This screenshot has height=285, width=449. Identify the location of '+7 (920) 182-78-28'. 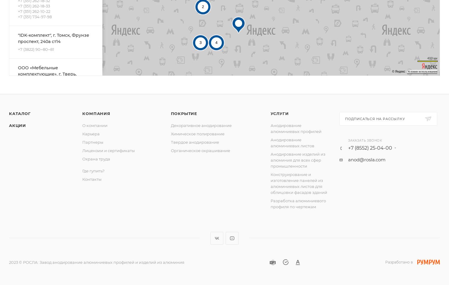
(35, 88).